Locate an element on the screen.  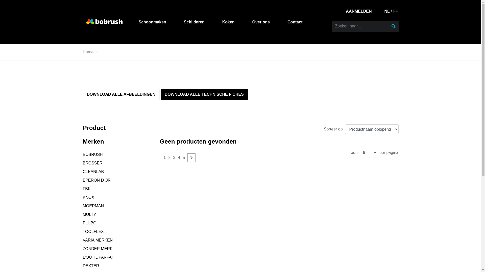
'Contact' is located at coordinates (295, 22).